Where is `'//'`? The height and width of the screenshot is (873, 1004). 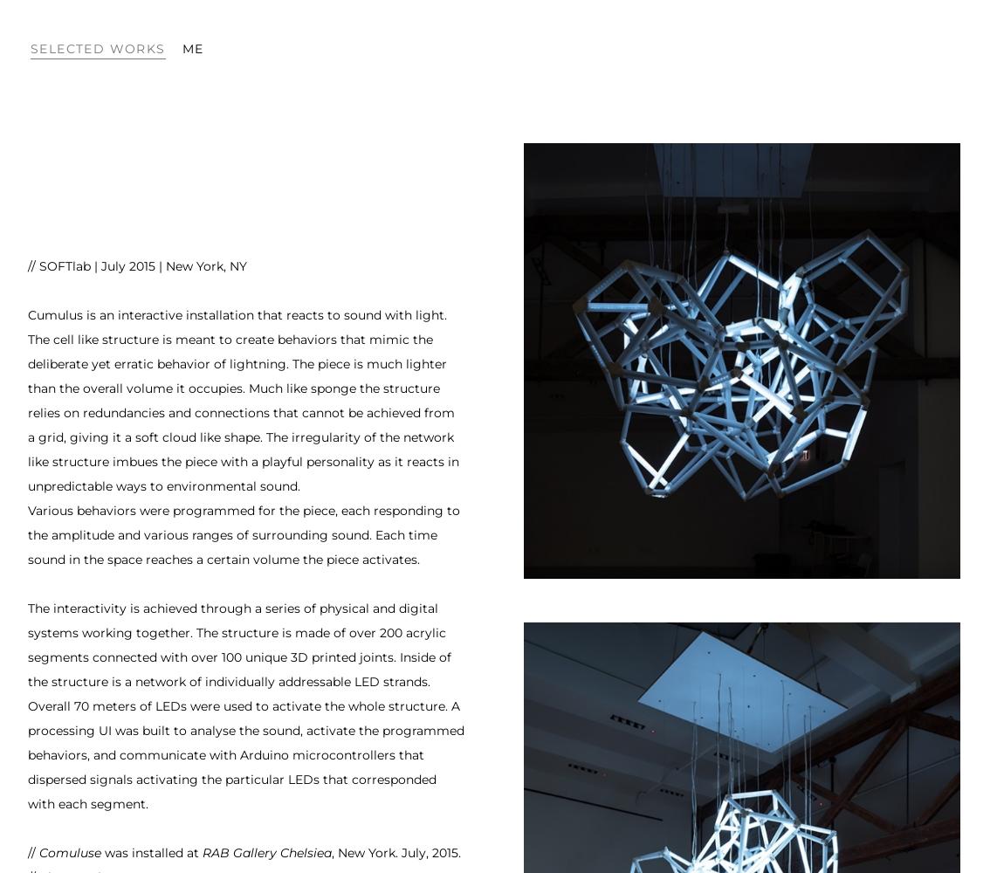
'//' is located at coordinates (32, 852).